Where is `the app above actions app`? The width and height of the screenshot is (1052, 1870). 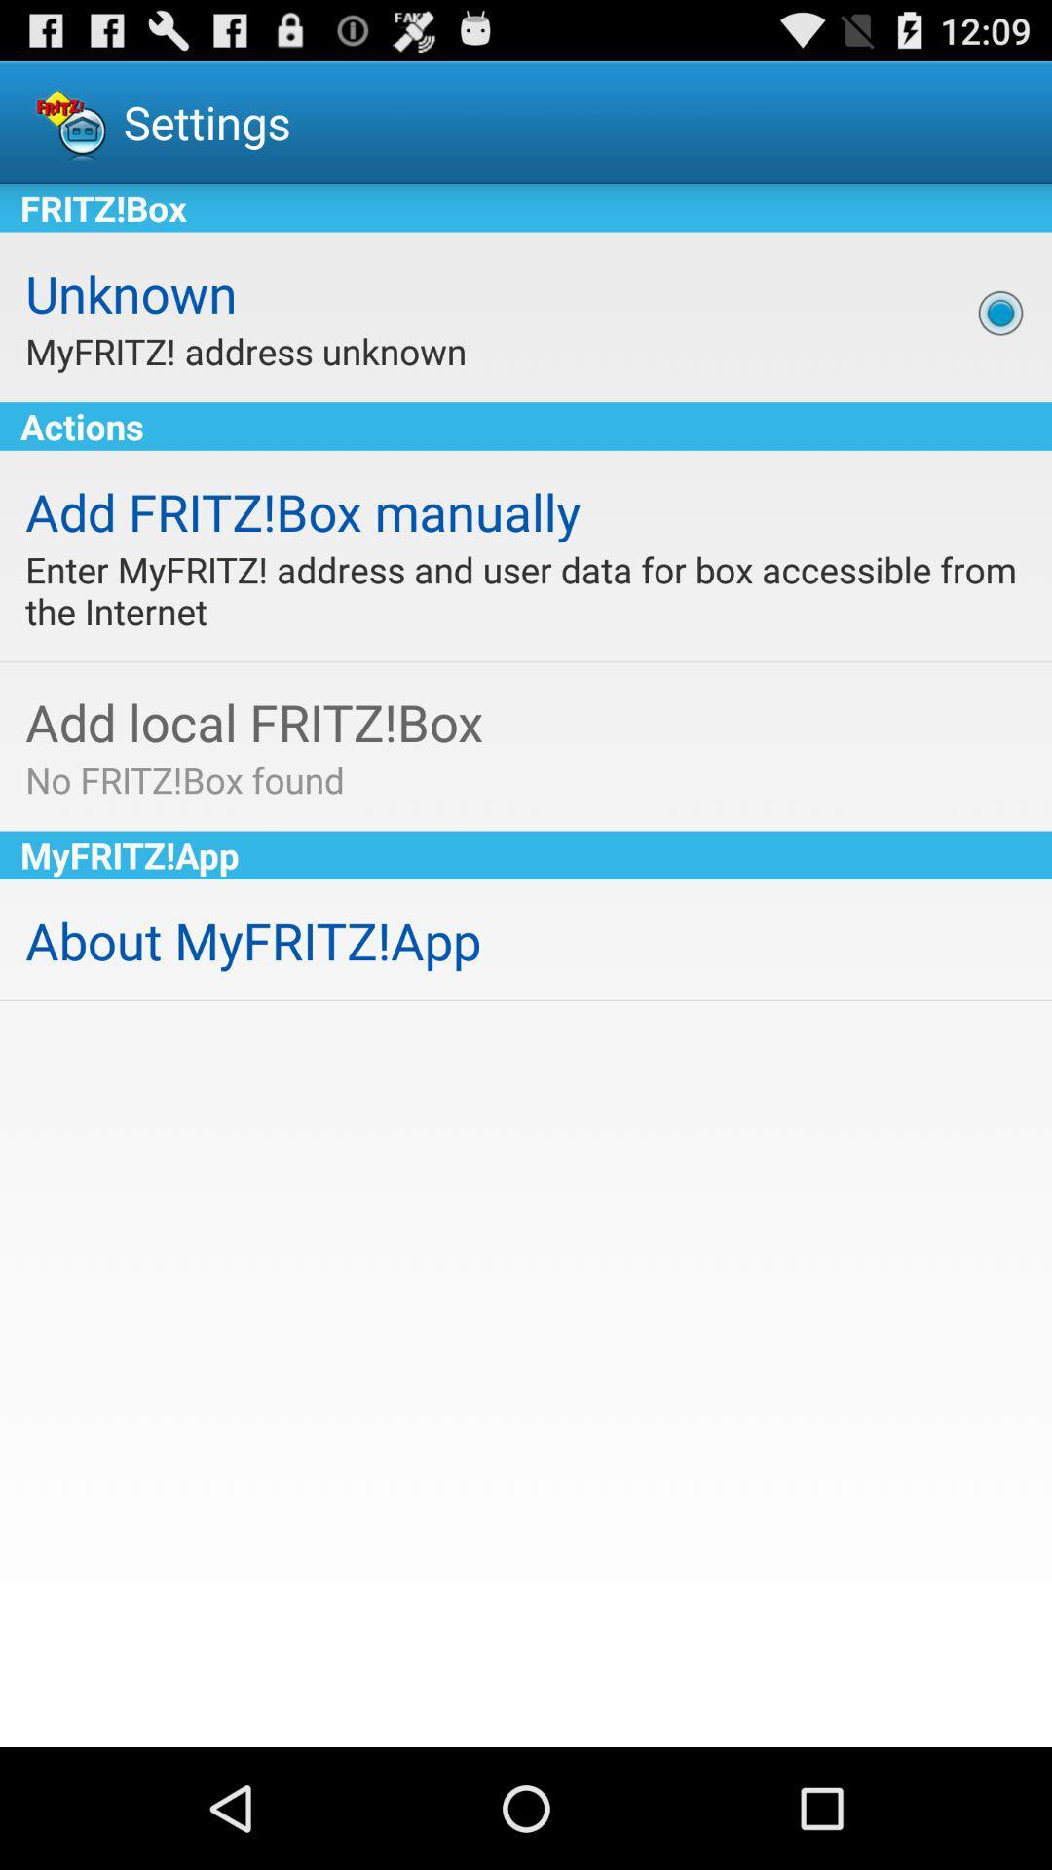
the app above actions app is located at coordinates (1000, 313).